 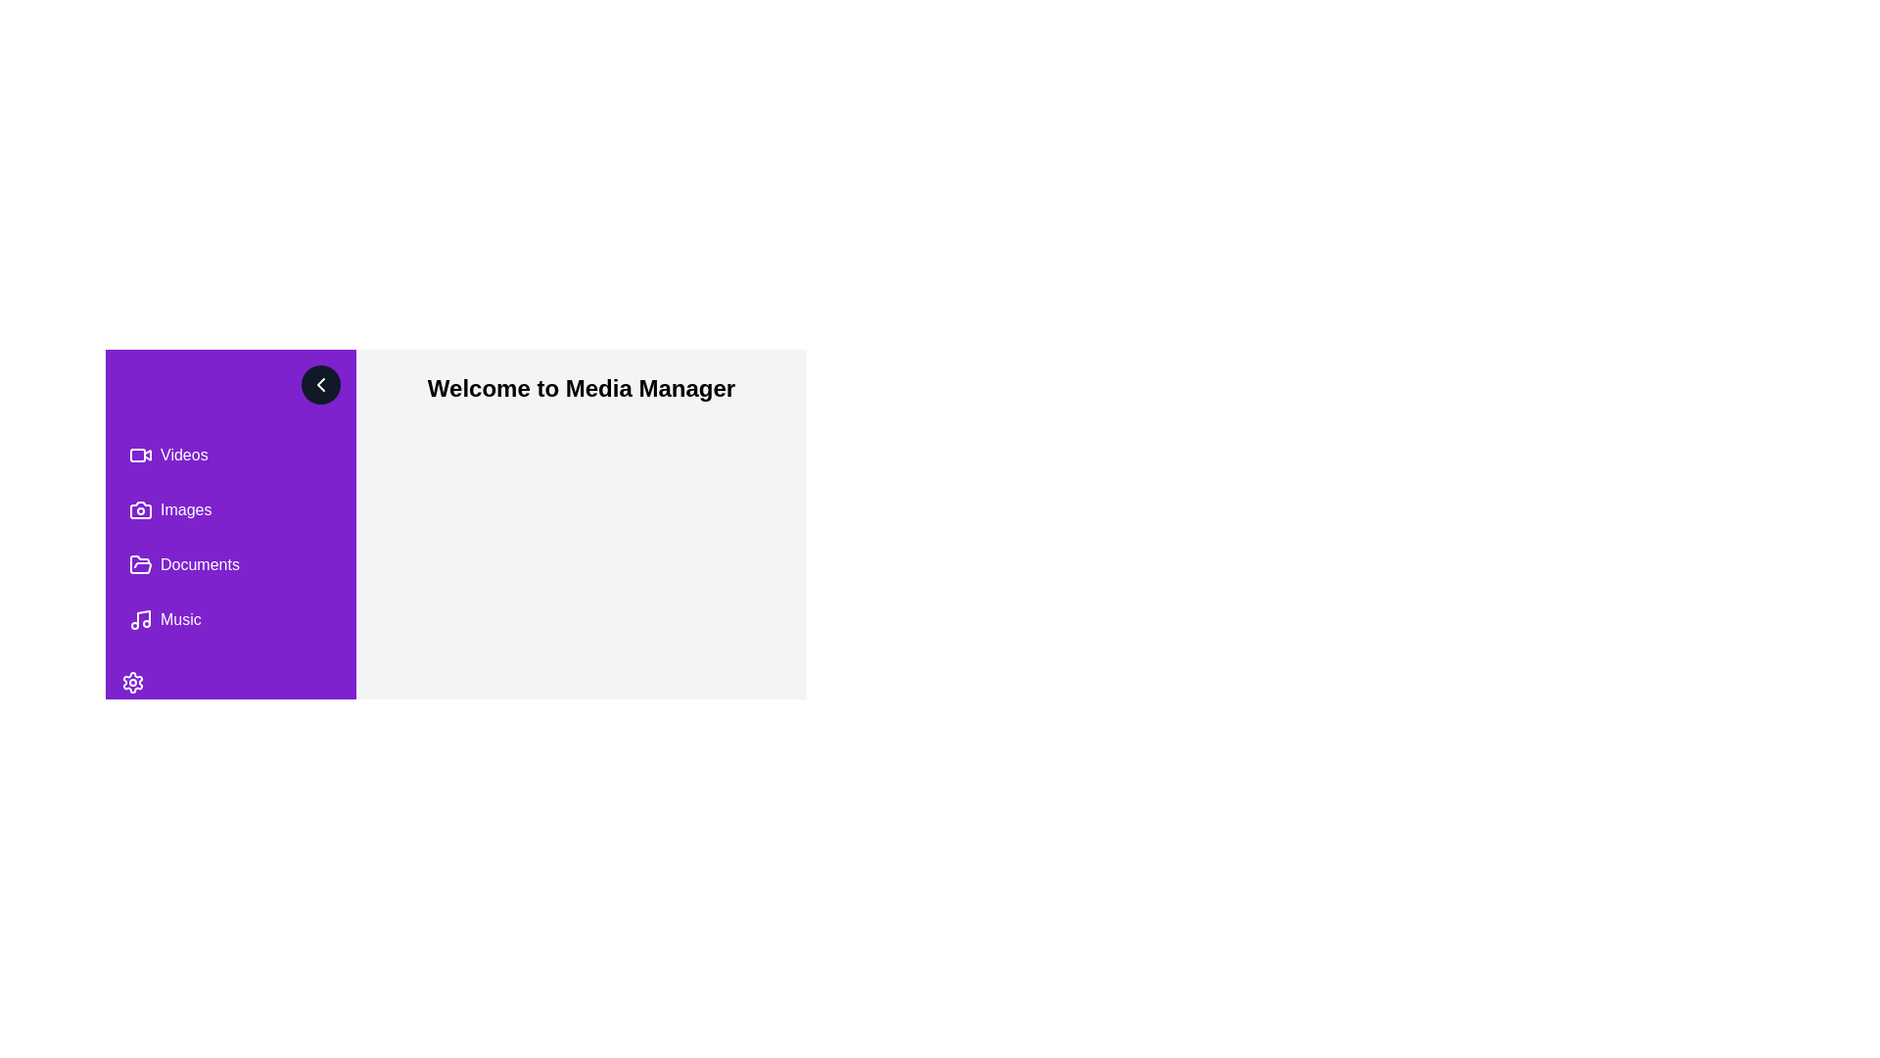 I want to click on the menu item labeled Music, so click(x=230, y=619).